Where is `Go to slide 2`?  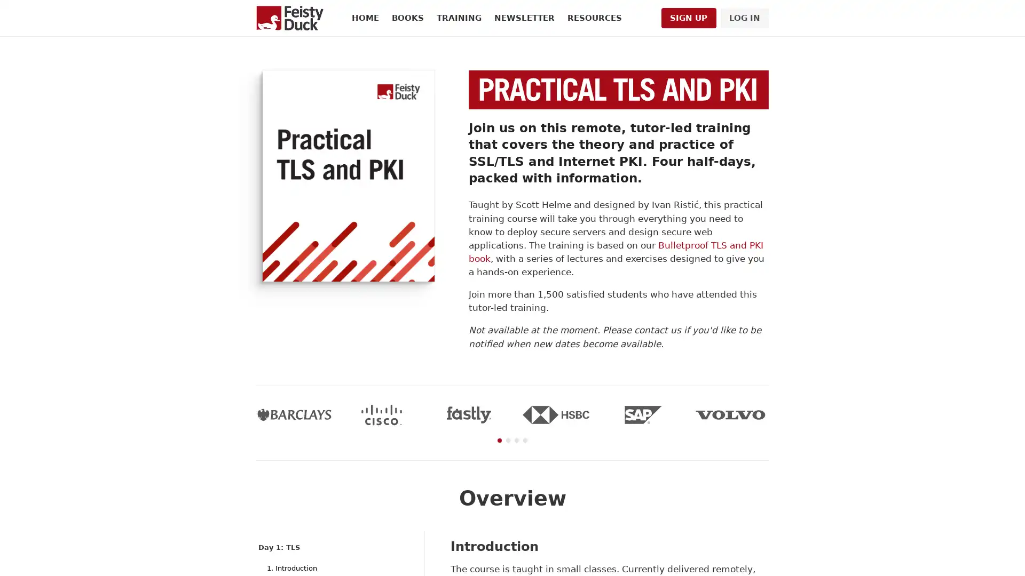
Go to slide 2 is located at coordinates (507, 440).